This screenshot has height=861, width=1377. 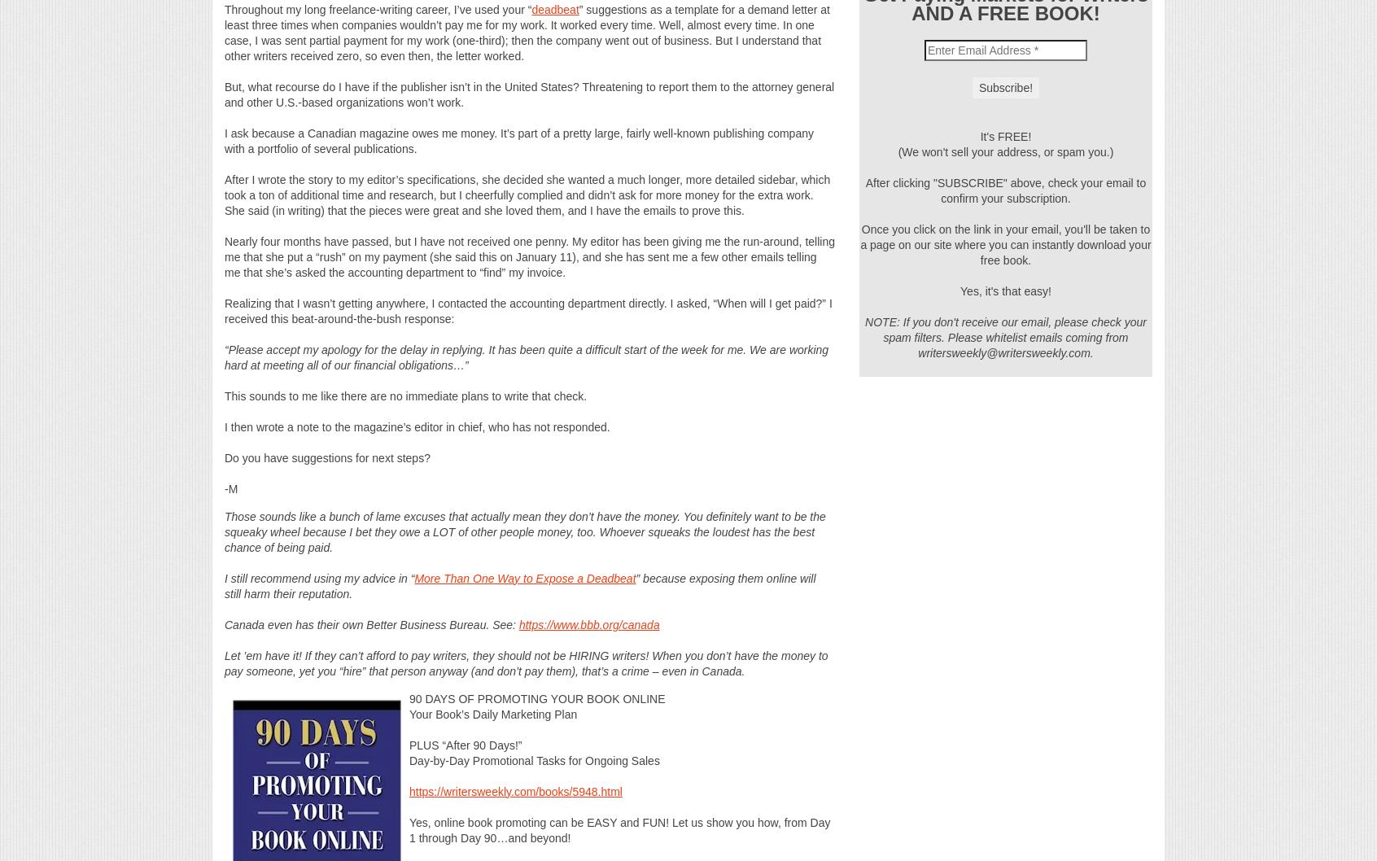 What do you see at coordinates (1005, 336) in the screenshot?
I see `'NOTE: If you don't receive our email, please check your spam filters. Please whitelist emails coming from writersweekly@writersweekly.com.'` at bounding box center [1005, 336].